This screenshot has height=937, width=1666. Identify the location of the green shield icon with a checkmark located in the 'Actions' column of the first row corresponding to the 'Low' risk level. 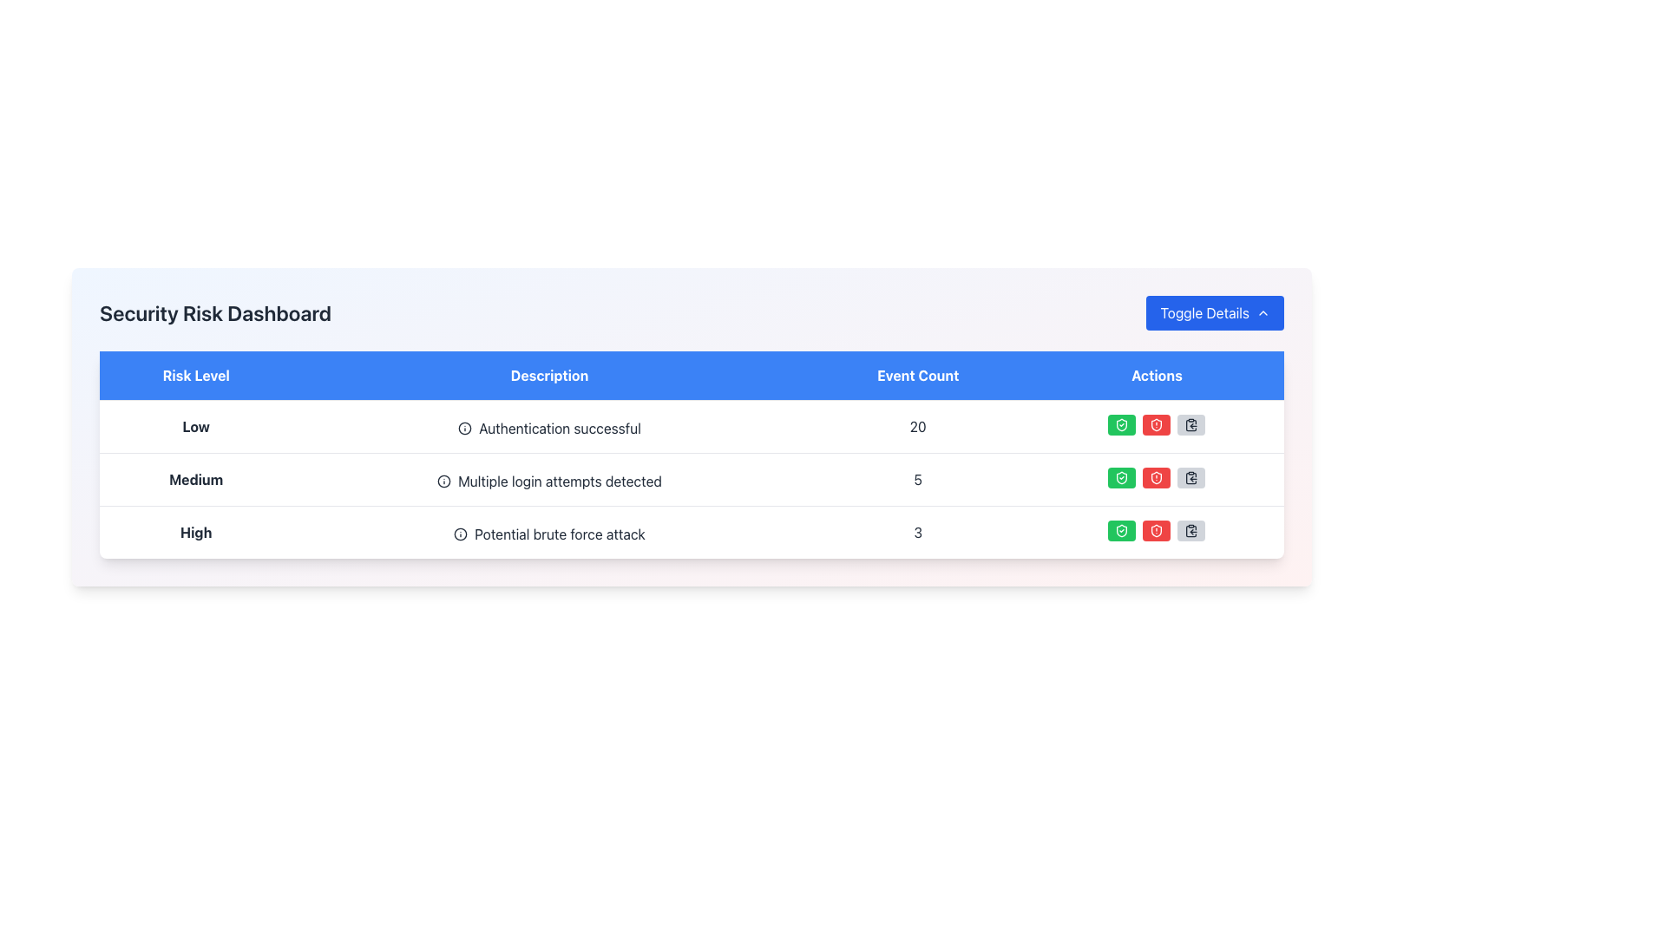
(1122, 424).